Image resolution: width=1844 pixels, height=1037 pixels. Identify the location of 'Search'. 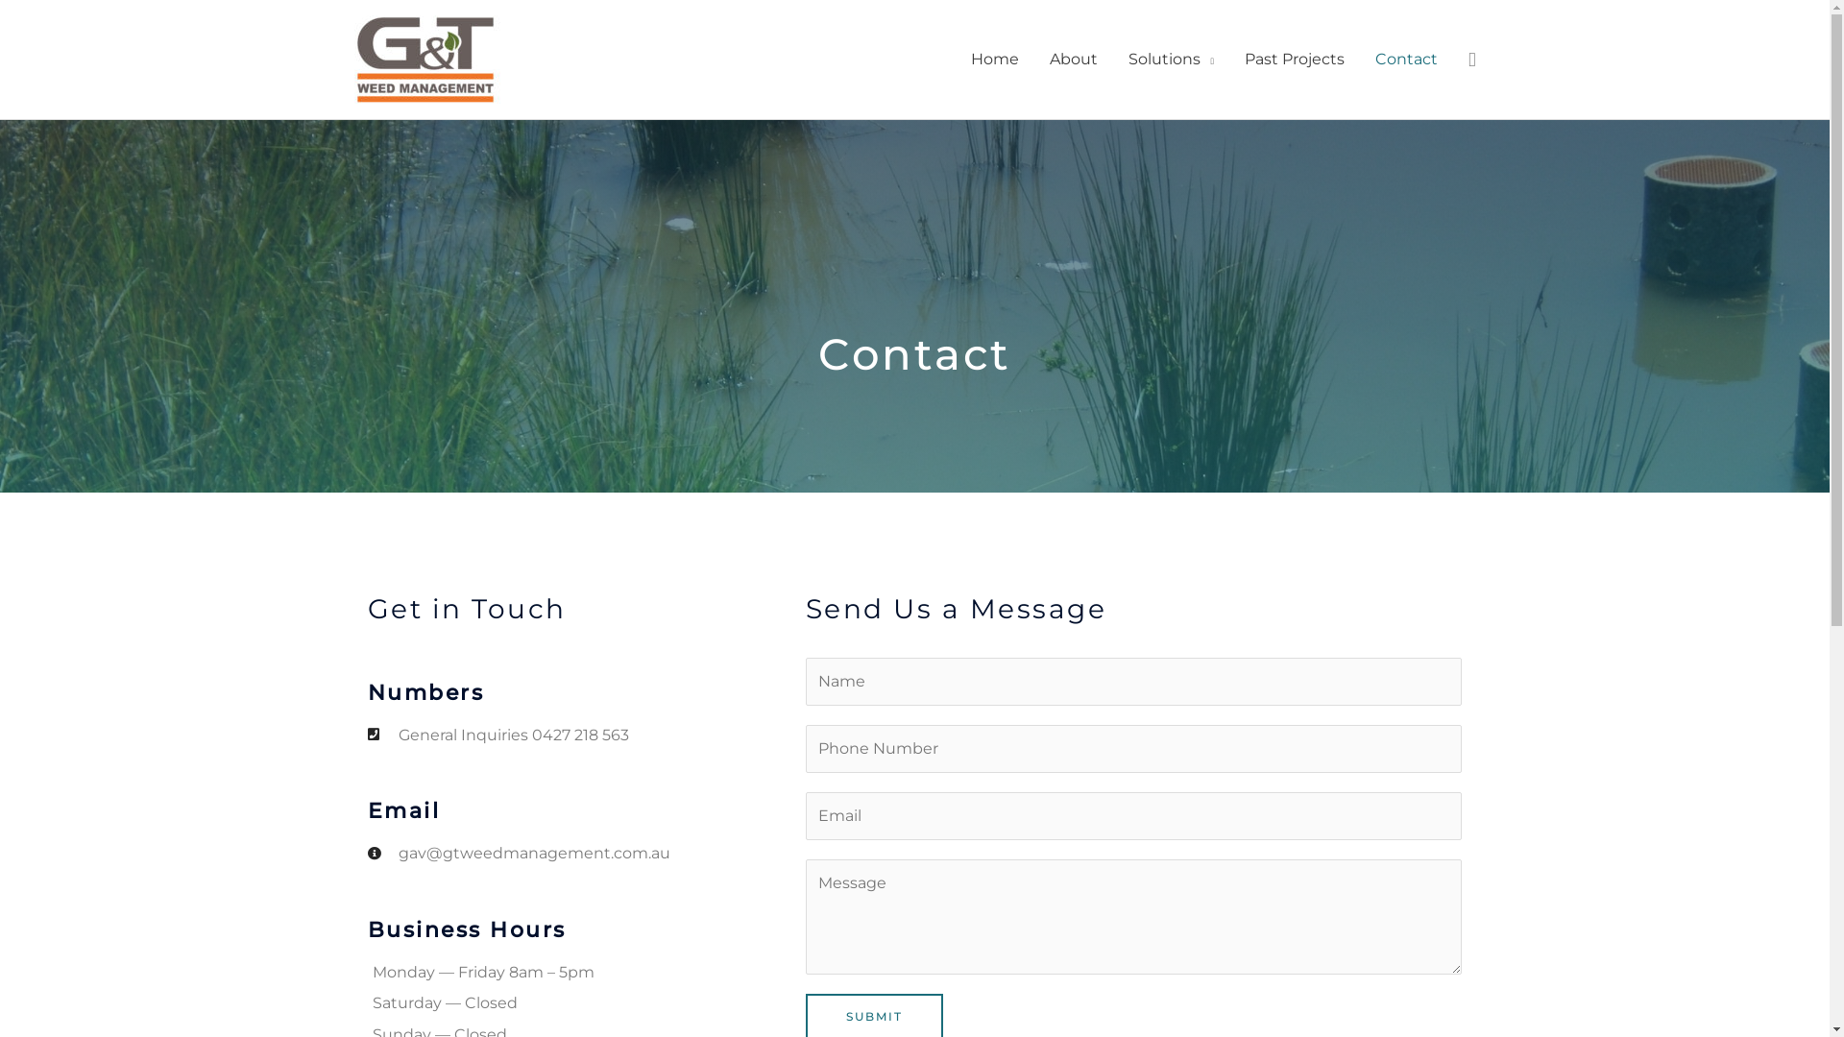
(1470, 59).